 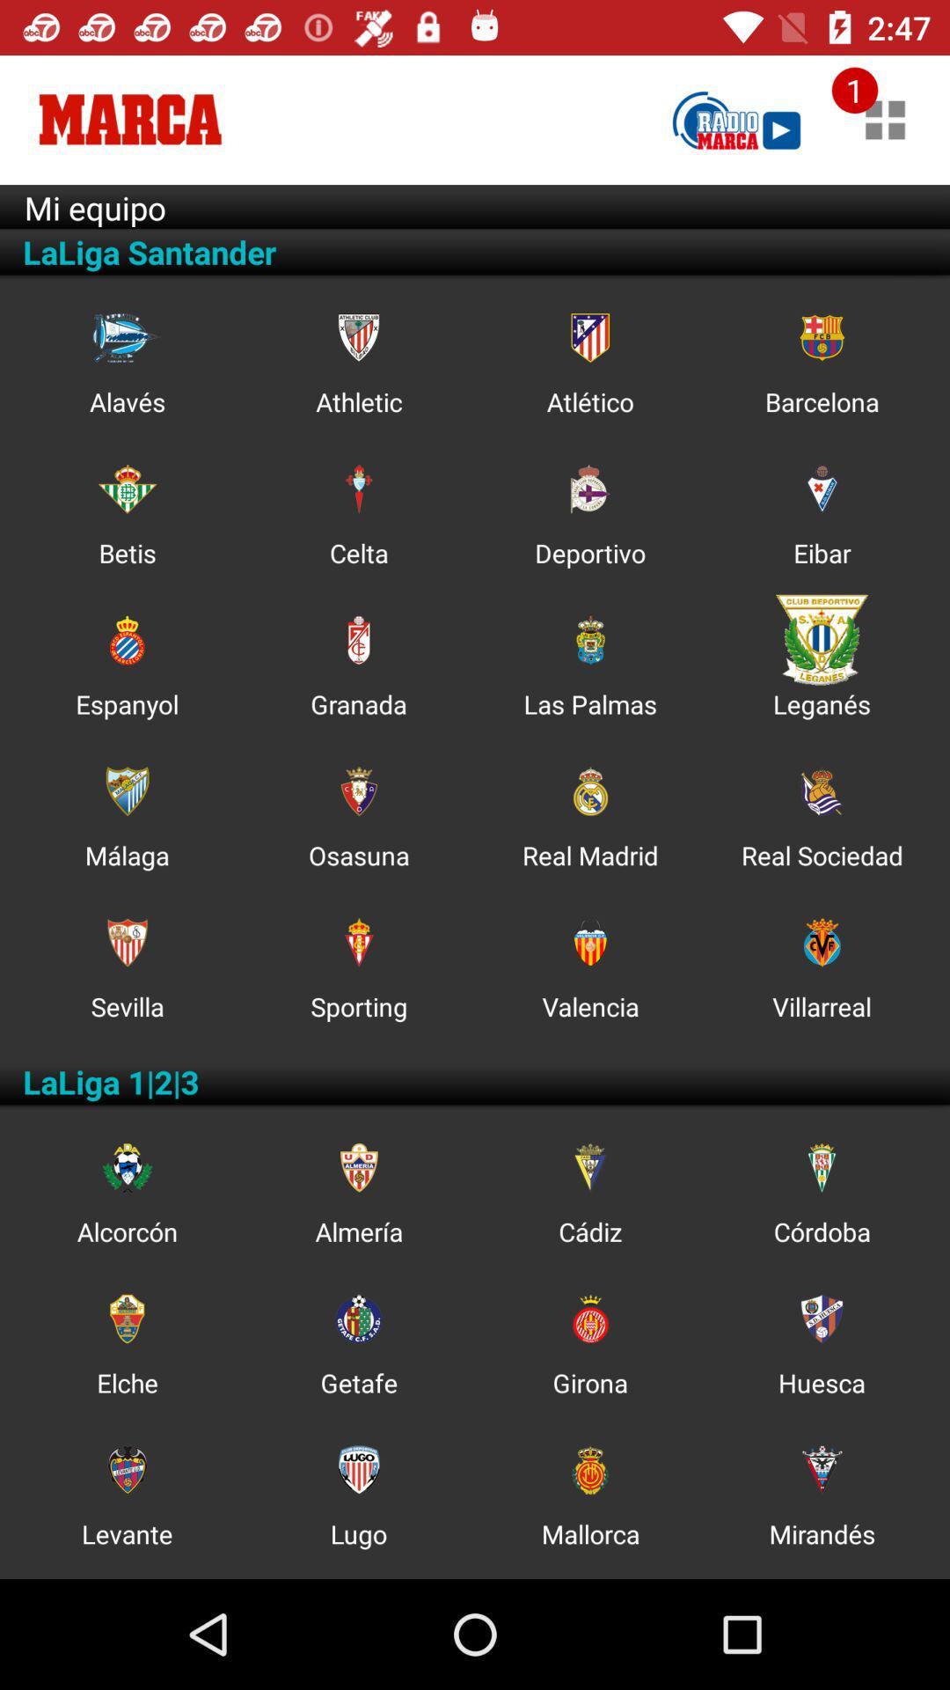 What do you see at coordinates (126, 1470) in the screenshot?
I see `the emoji icon` at bounding box center [126, 1470].